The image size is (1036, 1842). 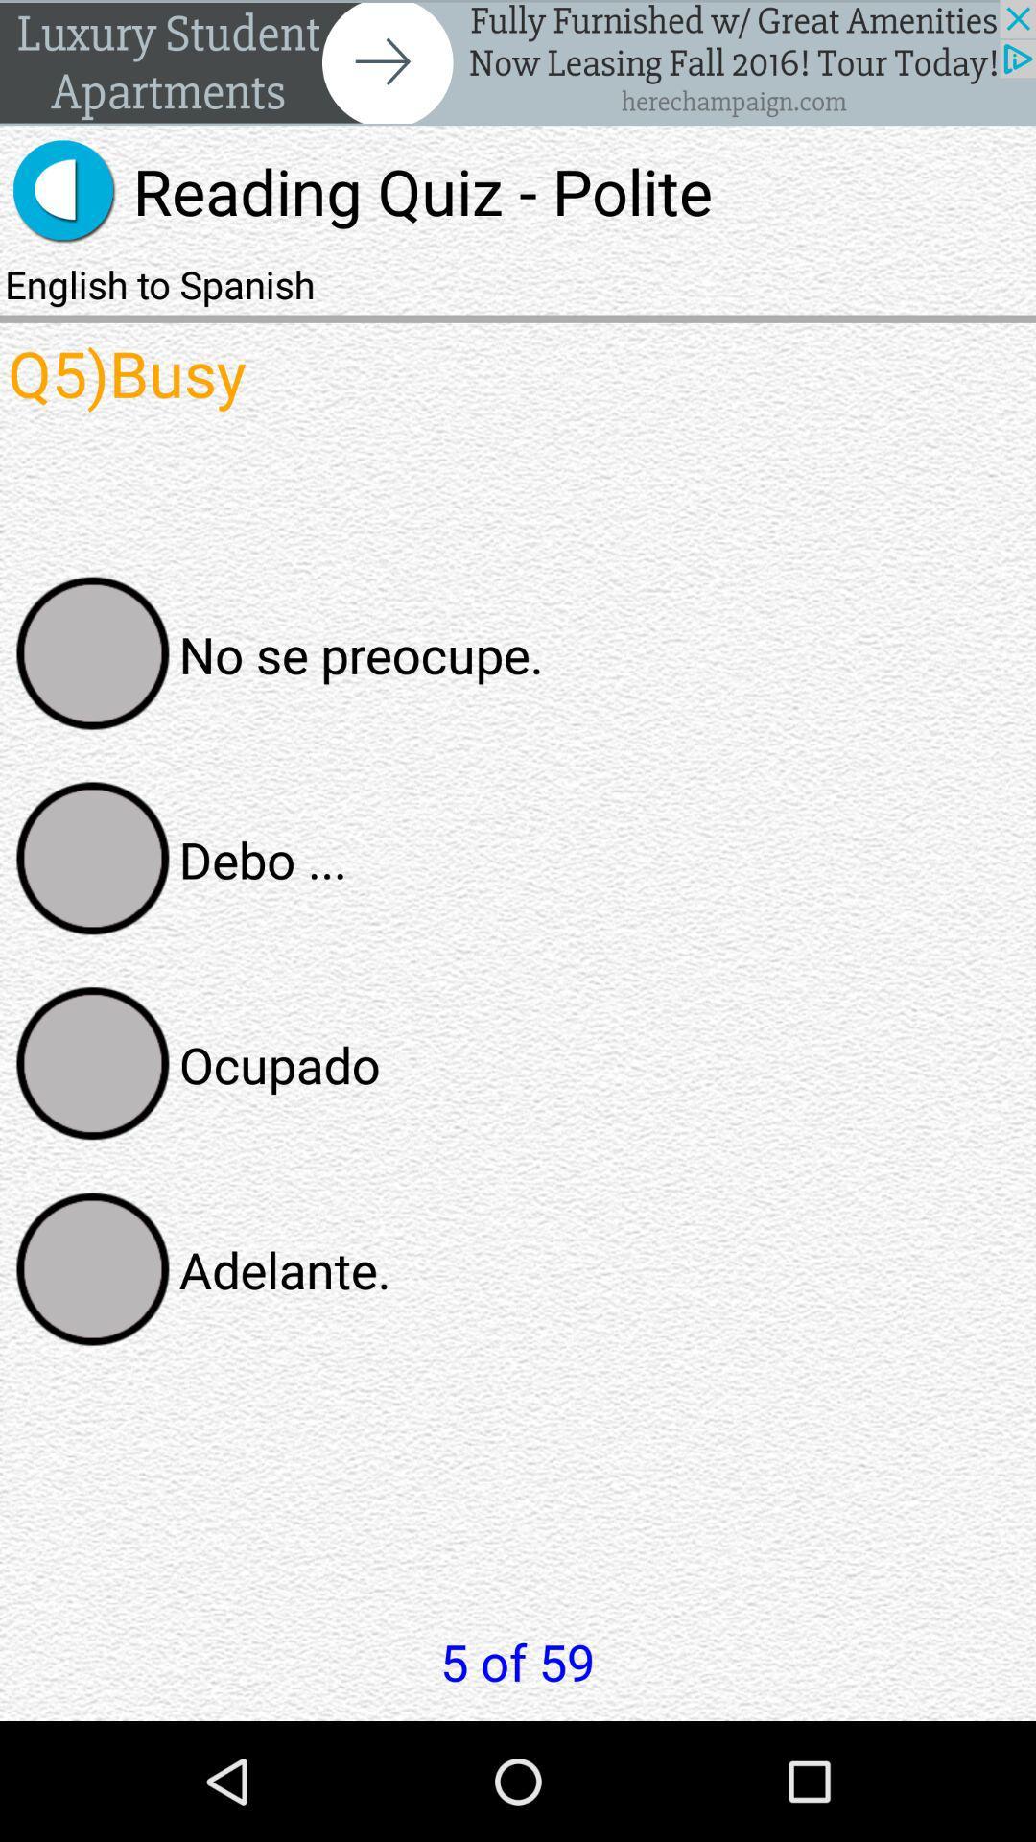 I want to click on option, so click(x=93, y=858).